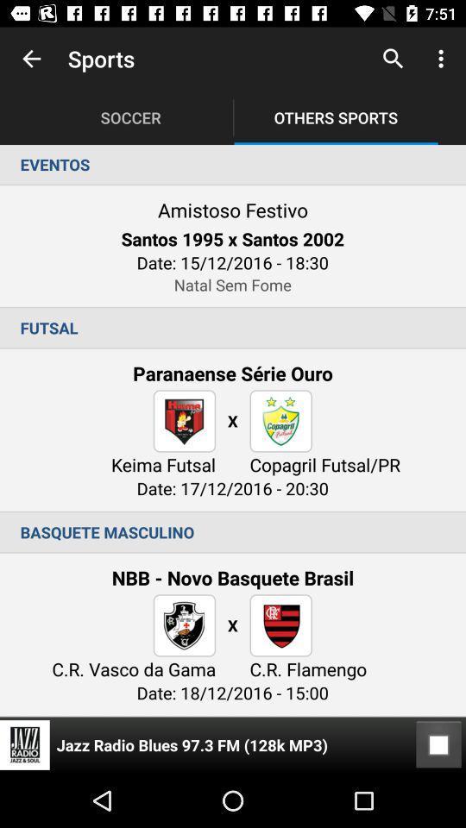 This screenshot has width=466, height=828. Describe the element at coordinates (31, 59) in the screenshot. I see `the icon above eventos icon` at that location.